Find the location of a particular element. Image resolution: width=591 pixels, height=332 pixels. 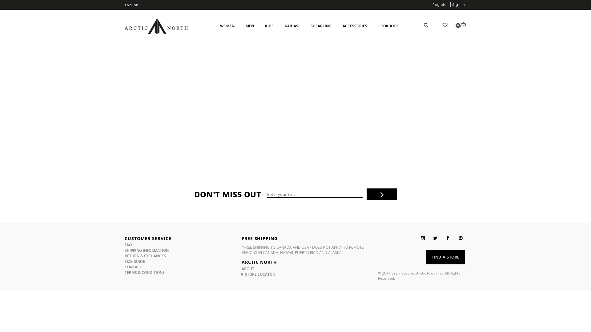

'Follow Chestnut on Twitter' is located at coordinates (435, 238).